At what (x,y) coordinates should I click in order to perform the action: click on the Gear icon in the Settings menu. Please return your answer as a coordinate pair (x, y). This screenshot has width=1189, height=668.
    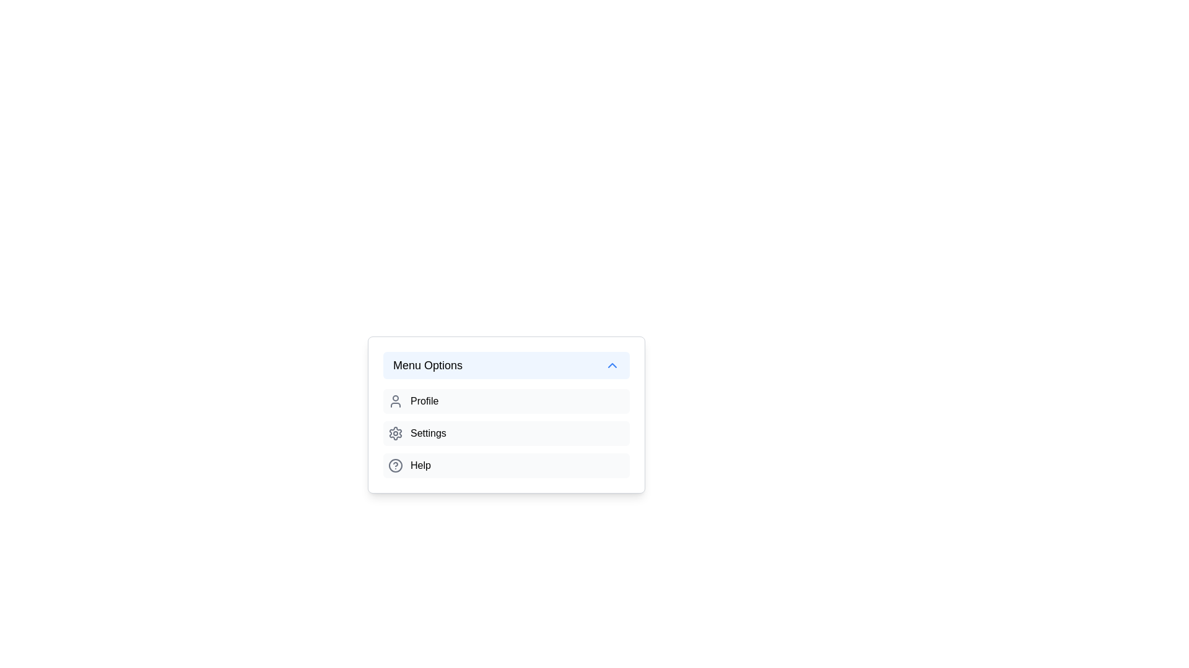
    Looking at the image, I should click on (394, 433).